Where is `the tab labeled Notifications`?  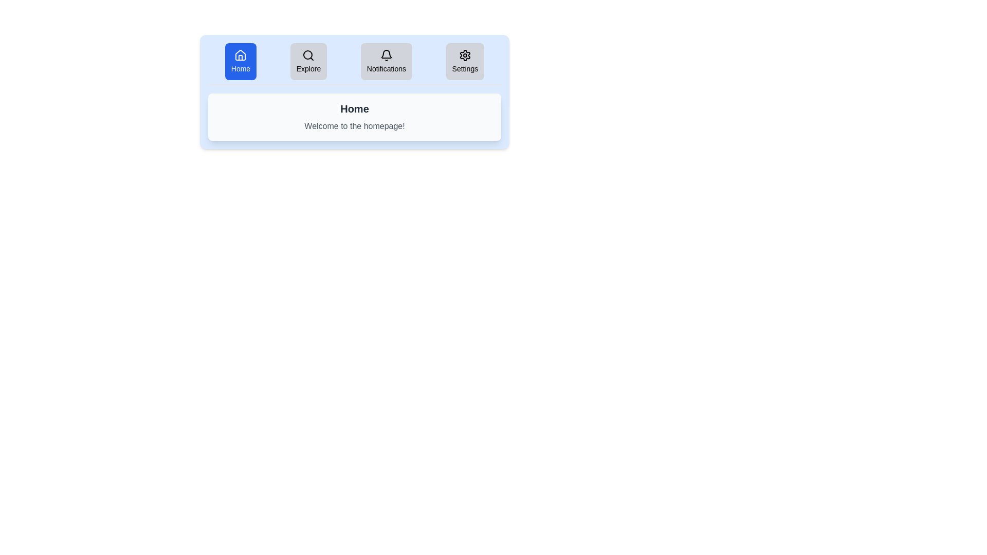 the tab labeled Notifications is located at coordinates (386, 61).